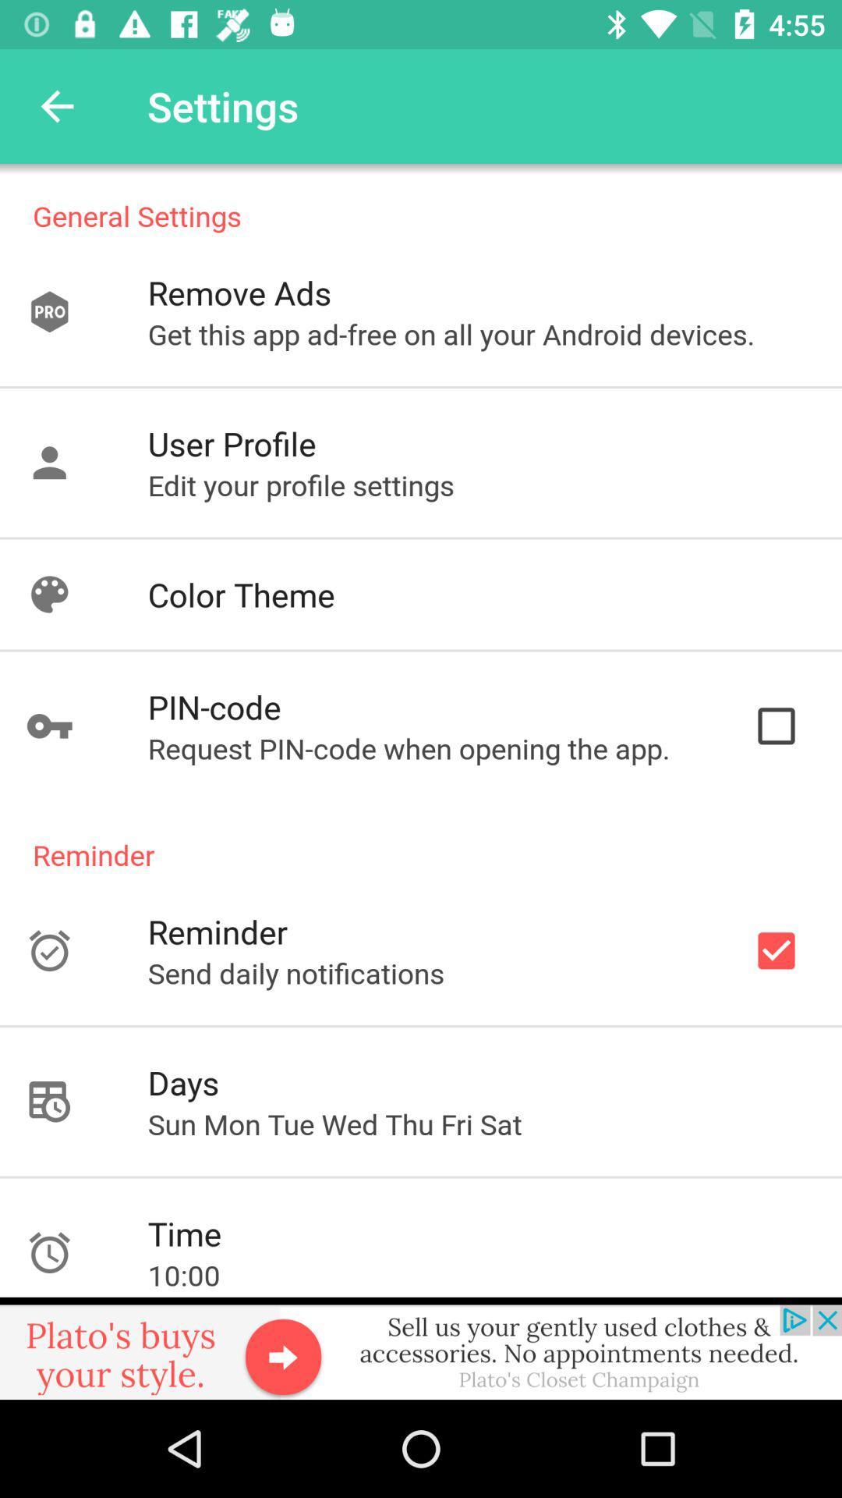 The height and width of the screenshot is (1498, 842). What do you see at coordinates (56, 105) in the screenshot?
I see `go back` at bounding box center [56, 105].